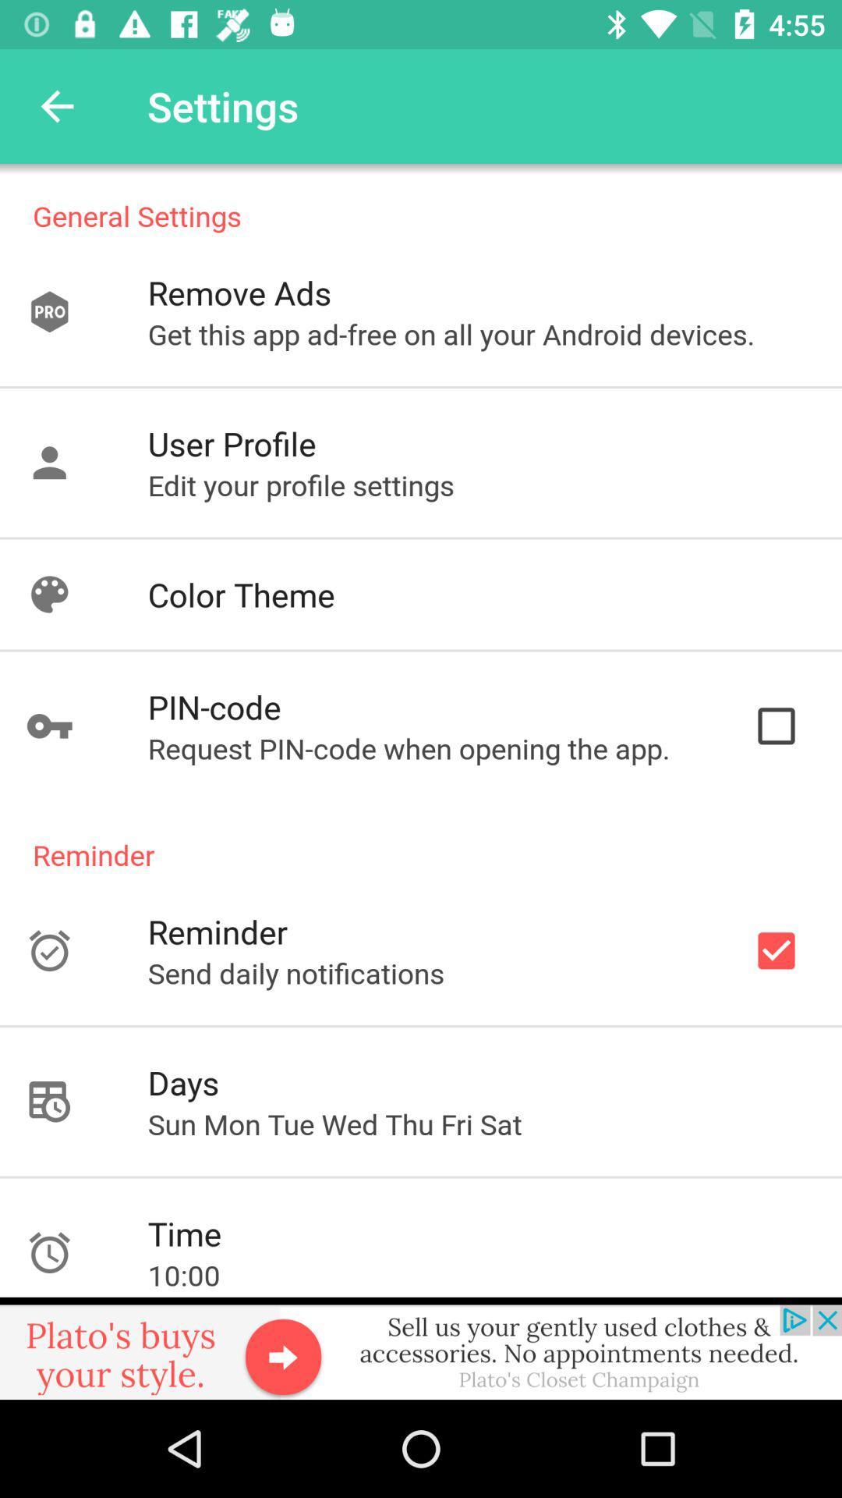 The height and width of the screenshot is (1498, 842). What do you see at coordinates (56, 105) in the screenshot?
I see `go back` at bounding box center [56, 105].